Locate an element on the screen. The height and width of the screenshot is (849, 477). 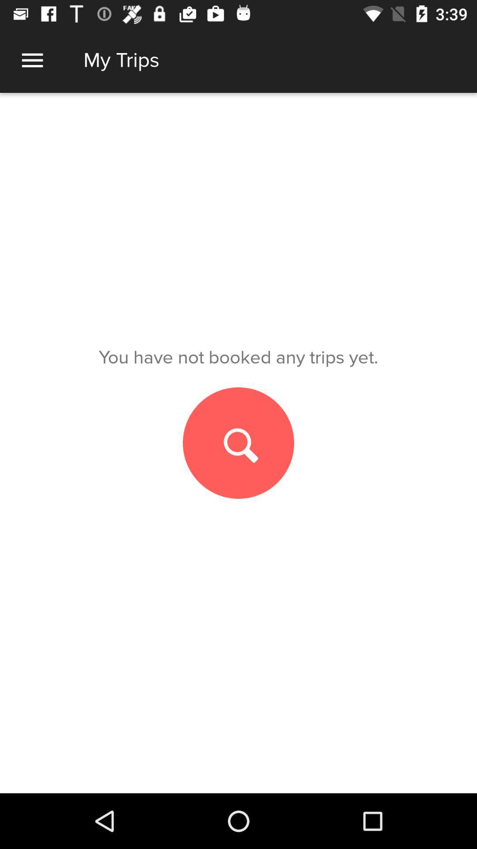
item above you have not item is located at coordinates (32, 60).